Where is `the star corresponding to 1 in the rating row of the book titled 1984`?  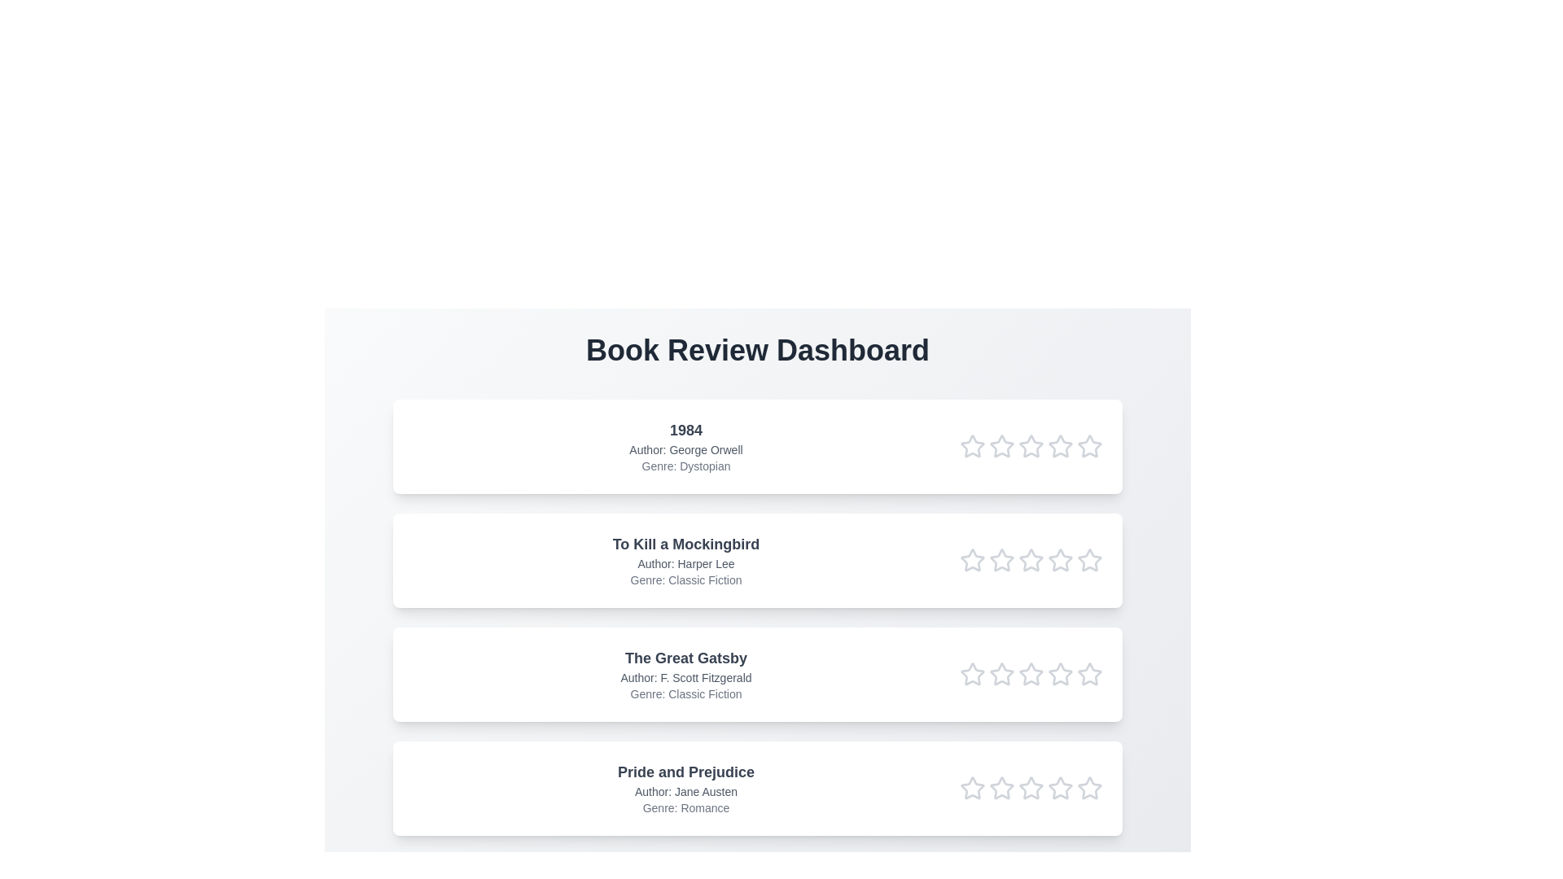
the star corresponding to 1 in the rating row of the book titled 1984 is located at coordinates (973, 446).